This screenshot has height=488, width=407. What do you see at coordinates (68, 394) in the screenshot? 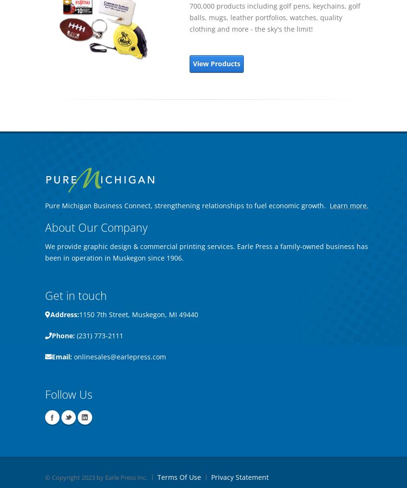
I see `'Follow Us'` at bounding box center [68, 394].